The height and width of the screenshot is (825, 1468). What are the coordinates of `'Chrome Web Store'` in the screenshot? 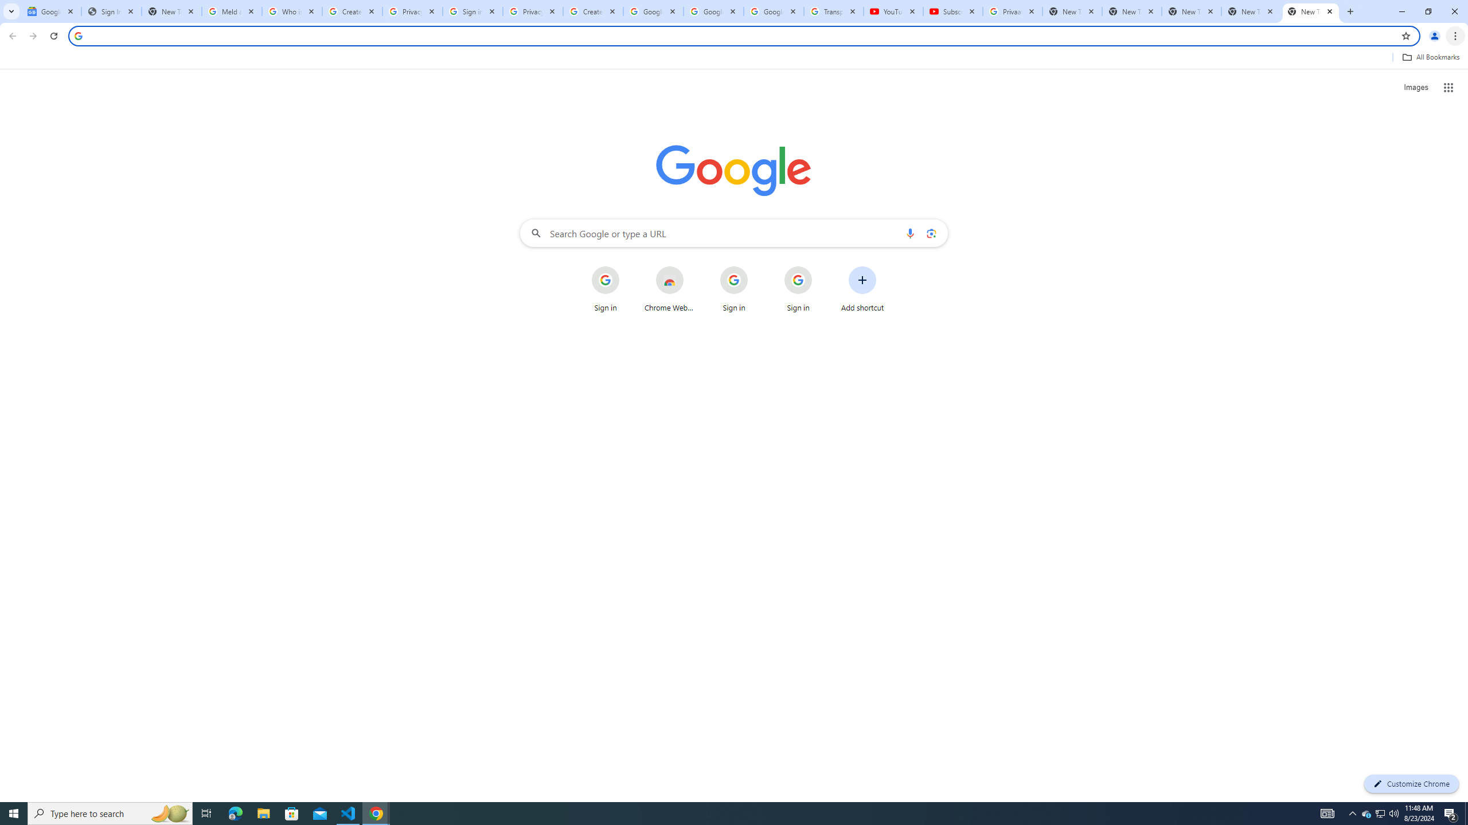 It's located at (669, 289).